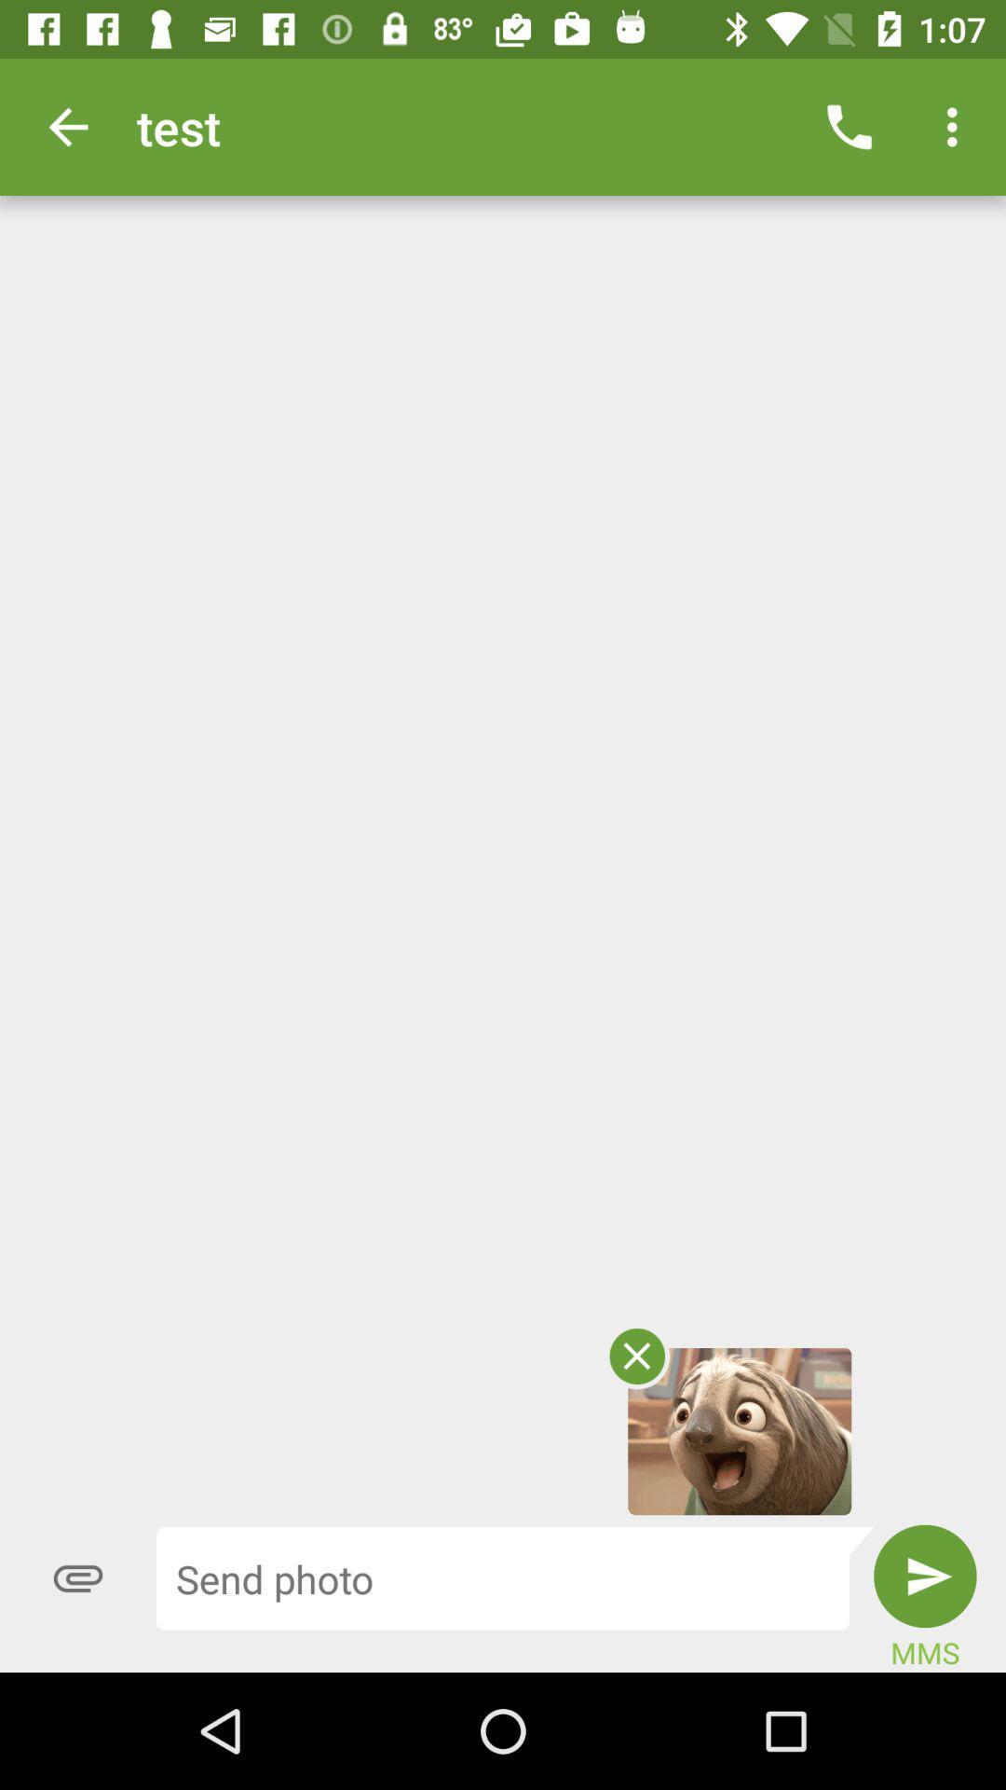  What do you see at coordinates (849, 126) in the screenshot?
I see `the icon to the right of the test icon` at bounding box center [849, 126].